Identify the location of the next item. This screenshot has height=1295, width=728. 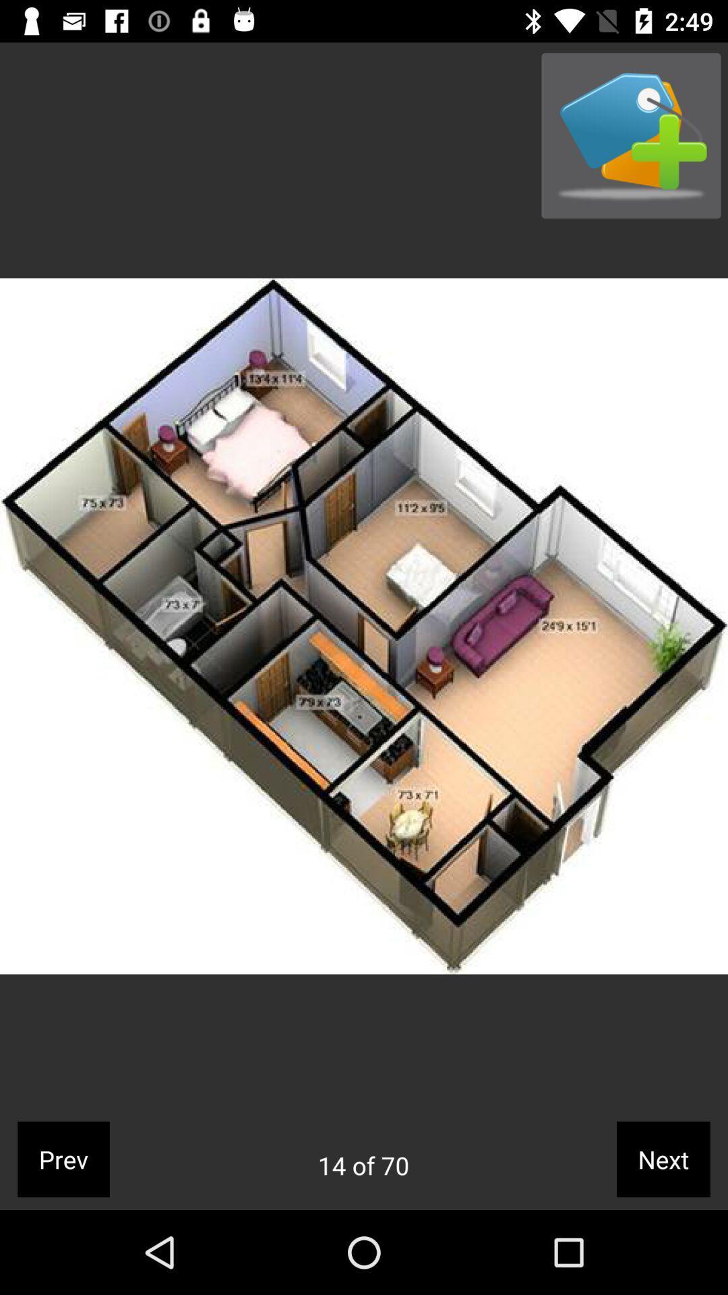
(663, 1158).